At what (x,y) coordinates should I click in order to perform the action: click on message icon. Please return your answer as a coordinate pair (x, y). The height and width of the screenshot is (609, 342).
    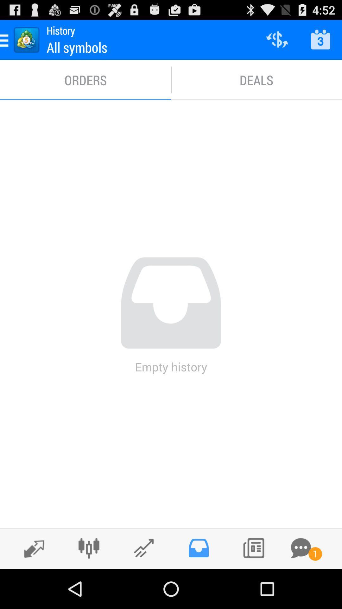
    Looking at the image, I should click on (301, 548).